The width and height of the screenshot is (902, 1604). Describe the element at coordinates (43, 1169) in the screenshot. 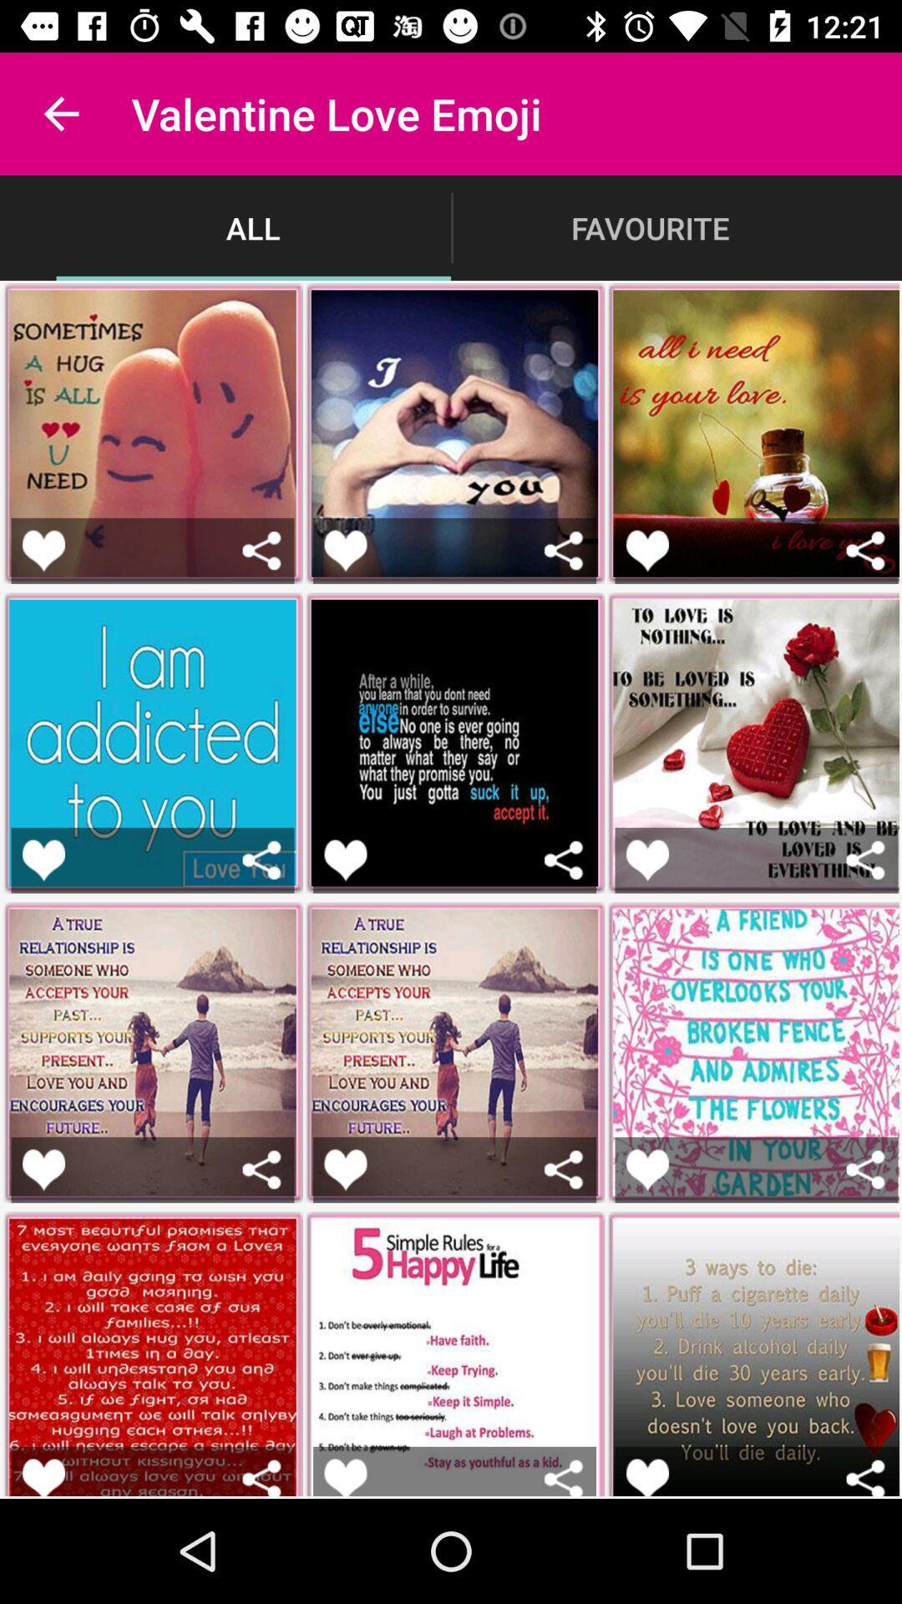

I see `like` at that location.